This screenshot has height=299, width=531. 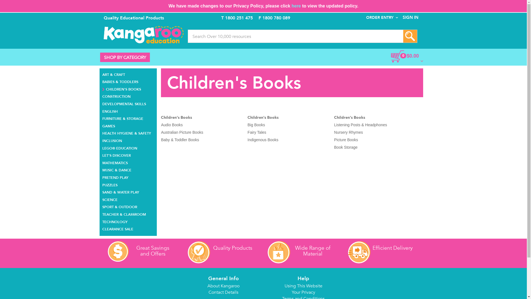 I want to click on 'DEVELOPMENTAL SKILLS', so click(x=124, y=103).